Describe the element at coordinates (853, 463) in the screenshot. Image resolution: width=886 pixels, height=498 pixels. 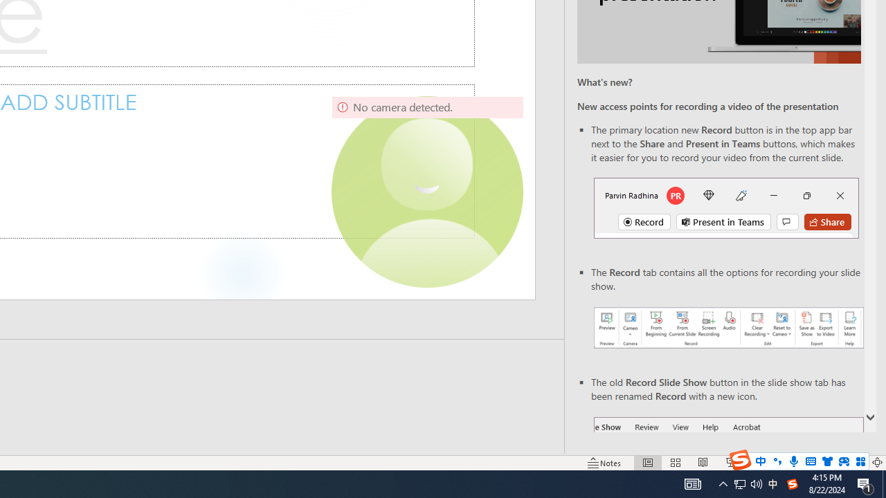
I see `'Zoom 131%'` at that location.